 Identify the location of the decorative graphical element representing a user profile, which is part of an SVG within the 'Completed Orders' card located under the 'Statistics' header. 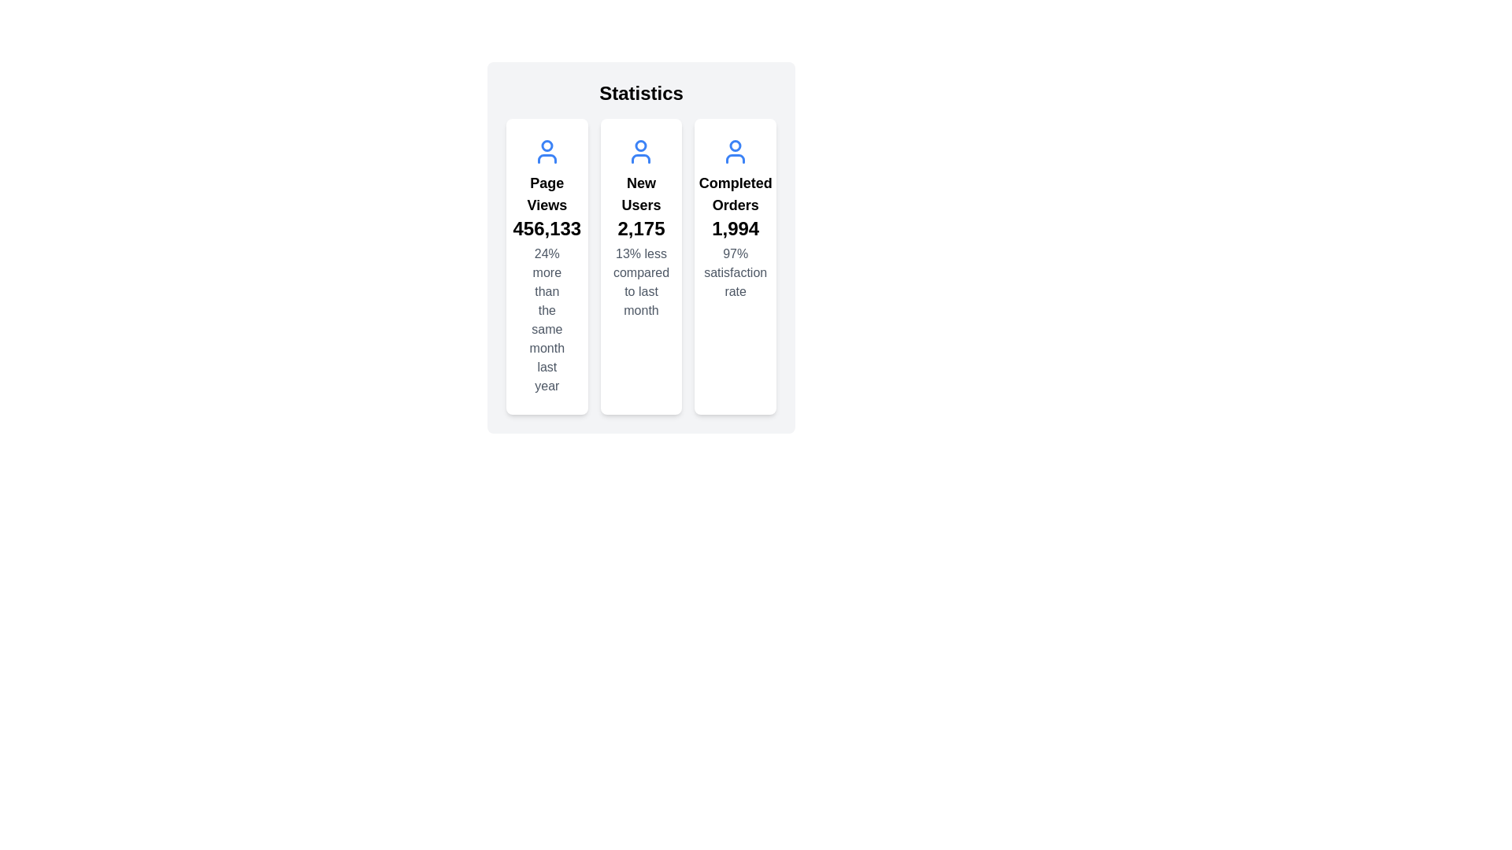
(735, 158).